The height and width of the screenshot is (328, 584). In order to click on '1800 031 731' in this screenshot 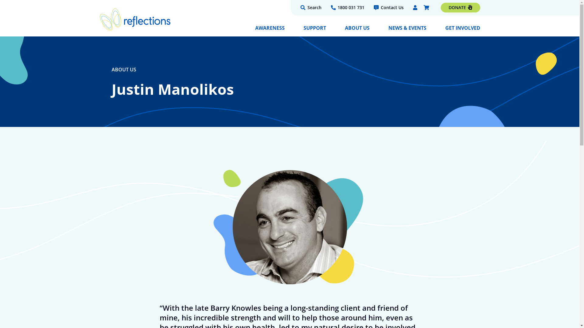, I will do `click(331, 7)`.